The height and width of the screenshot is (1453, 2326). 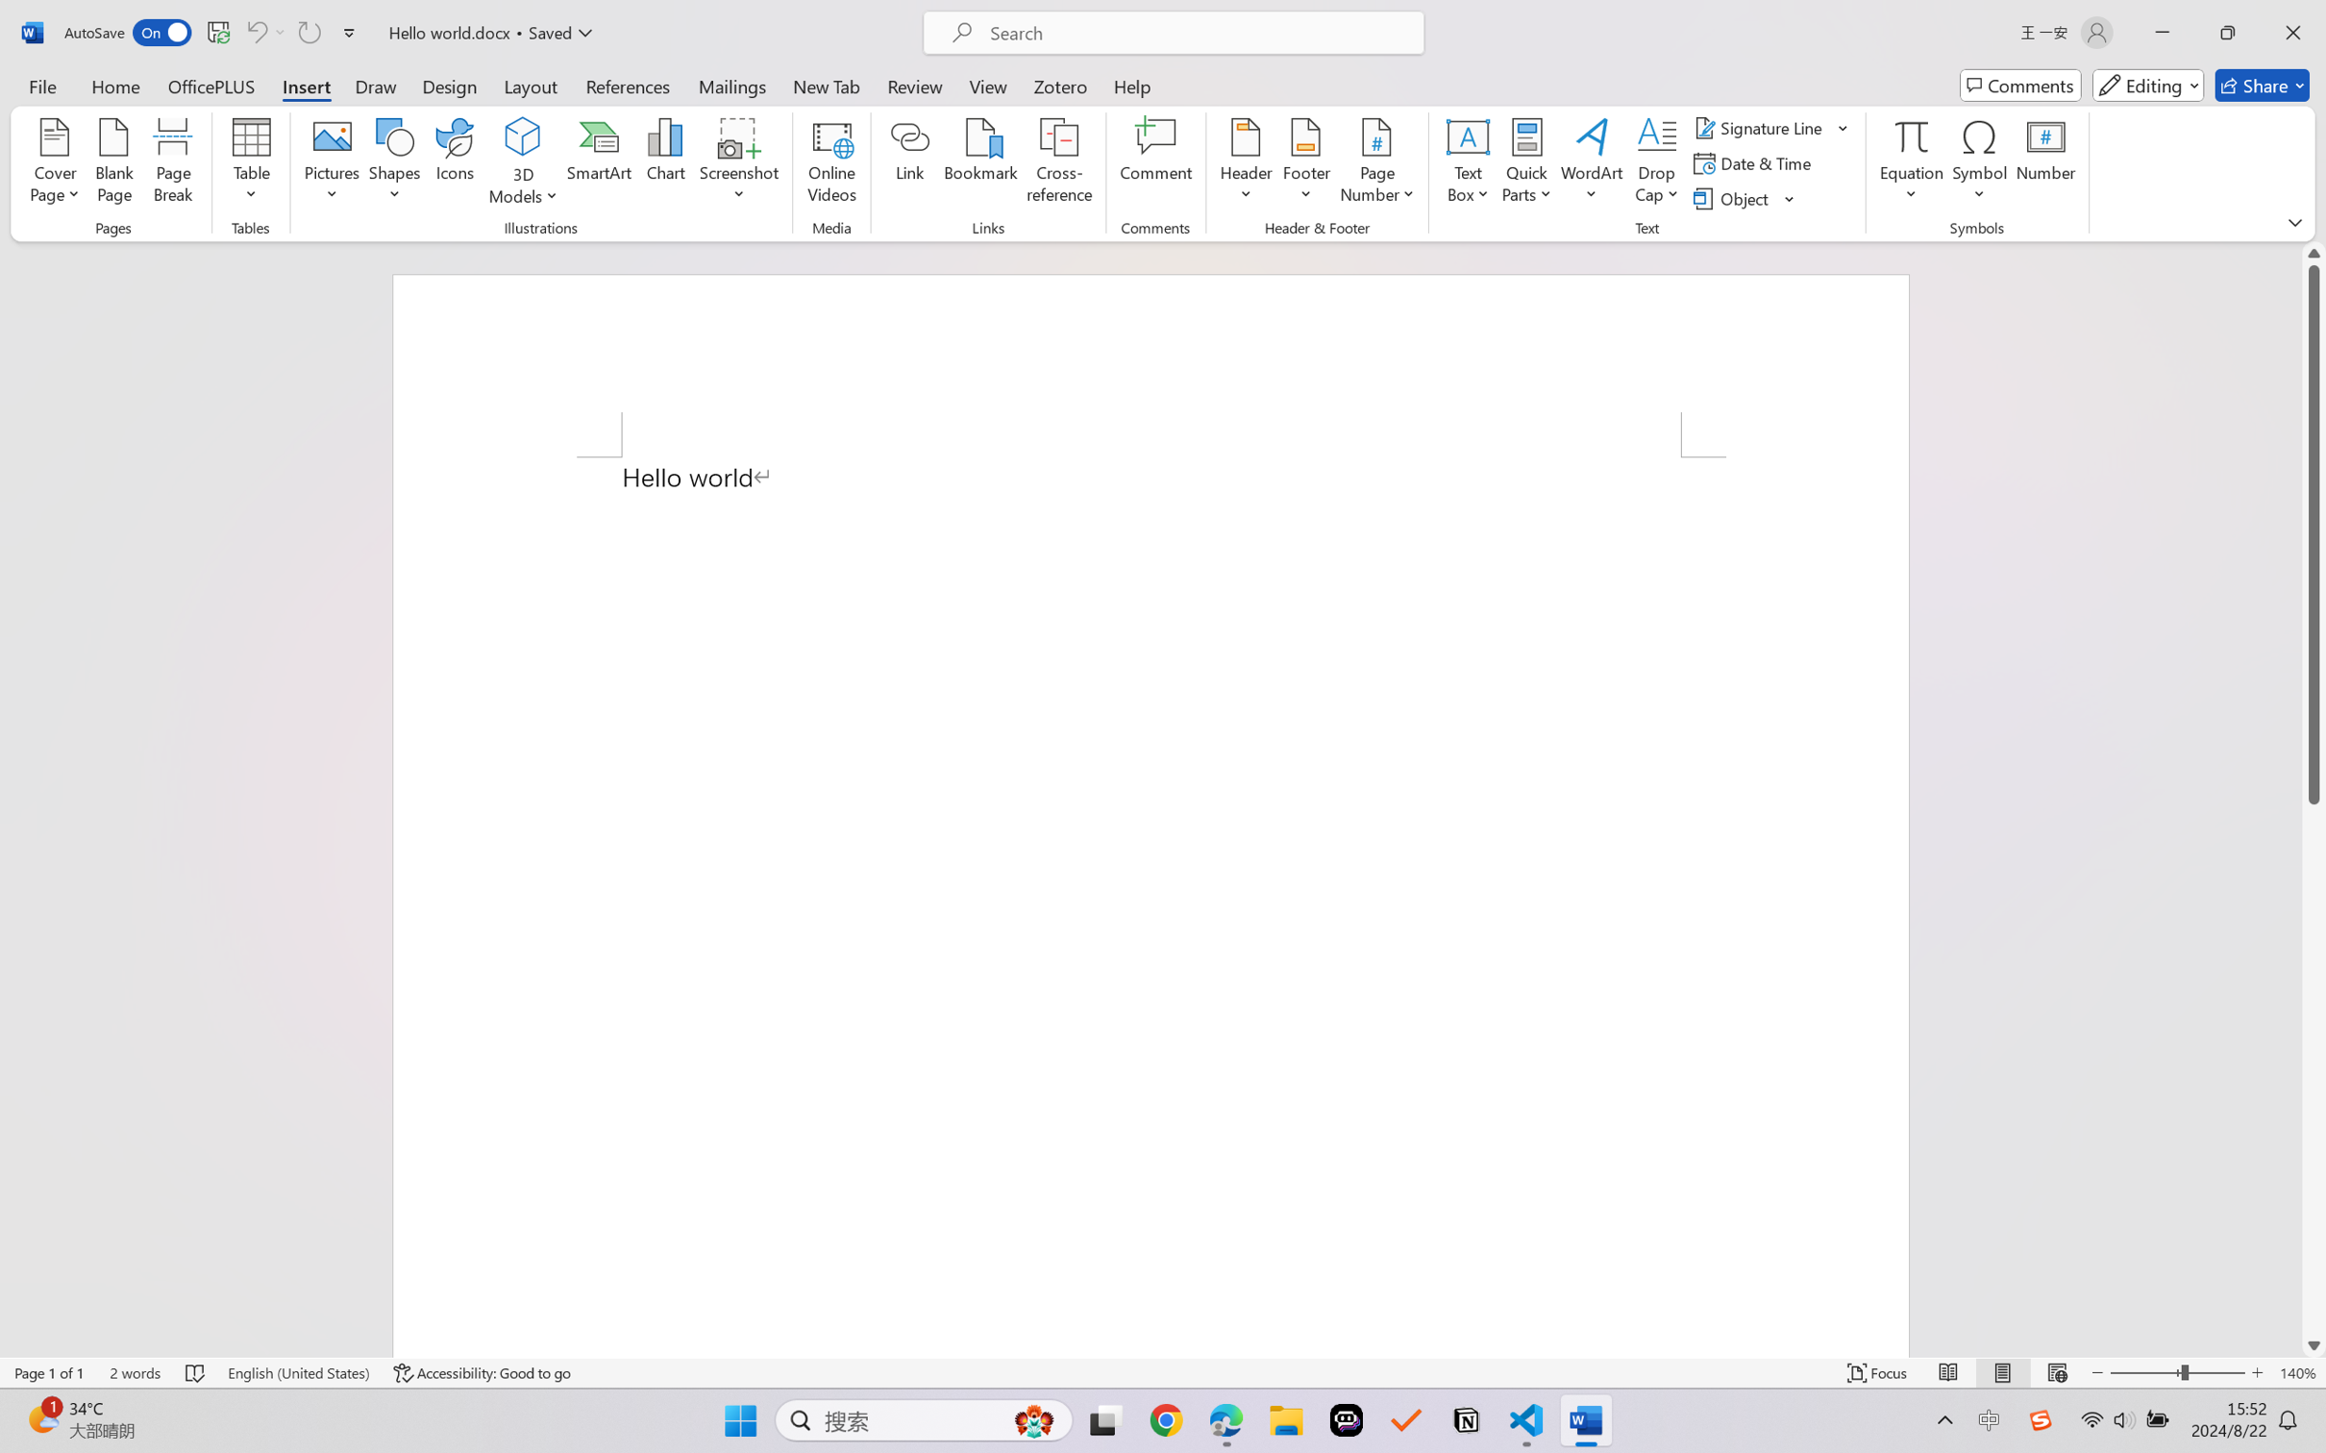 What do you see at coordinates (1468, 163) in the screenshot?
I see `'Text Box'` at bounding box center [1468, 163].